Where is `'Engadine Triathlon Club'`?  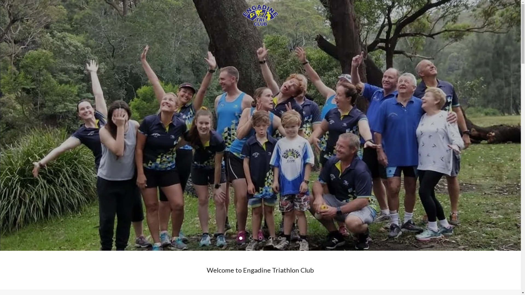 'Engadine Triathlon Club' is located at coordinates (260, 14).